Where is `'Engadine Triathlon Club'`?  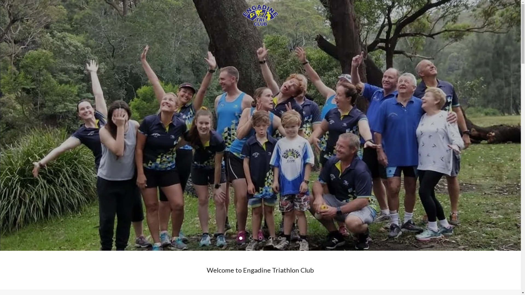 'Engadine Triathlon Club' is located at coordinates (260, 14).